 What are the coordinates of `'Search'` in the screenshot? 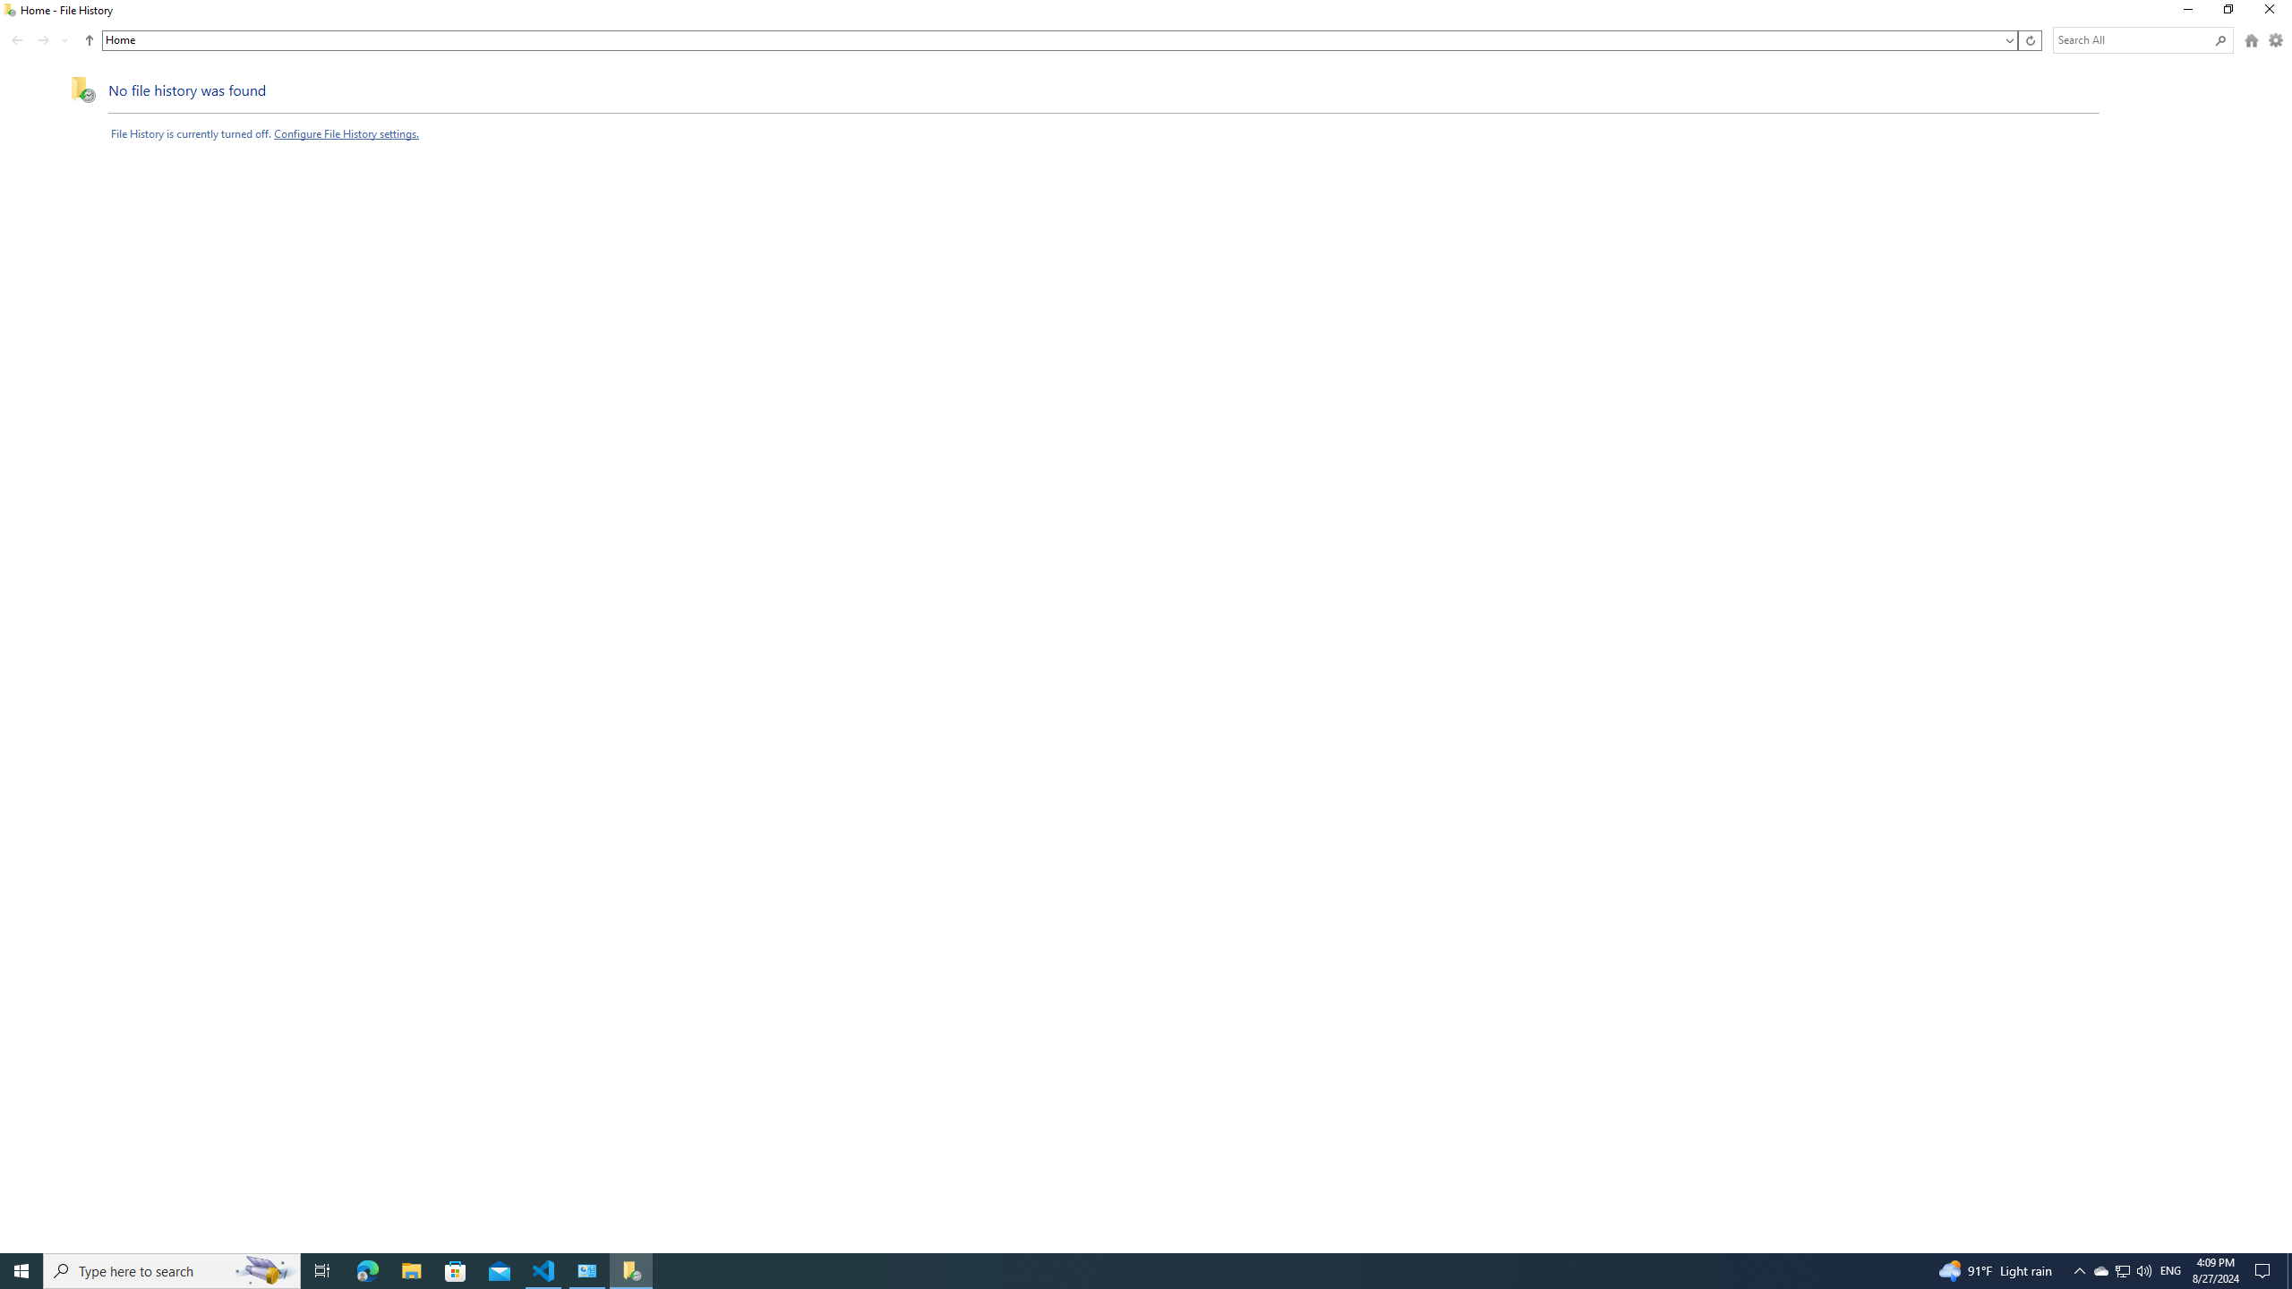 It's located at (2219, 38).